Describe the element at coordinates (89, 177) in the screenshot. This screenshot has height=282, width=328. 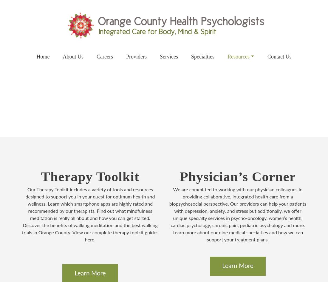
I see `'Therapy Toolkit'` at that location.